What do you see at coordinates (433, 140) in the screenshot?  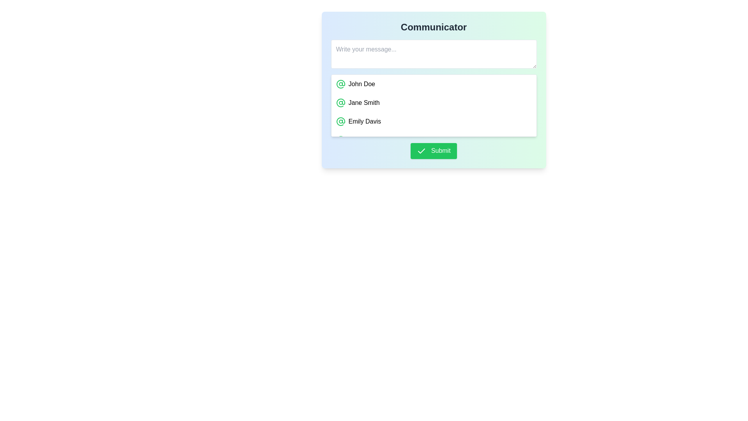 I see `the selectable list item displaying 'Michael Brown'` at bounding box center [433, 140].